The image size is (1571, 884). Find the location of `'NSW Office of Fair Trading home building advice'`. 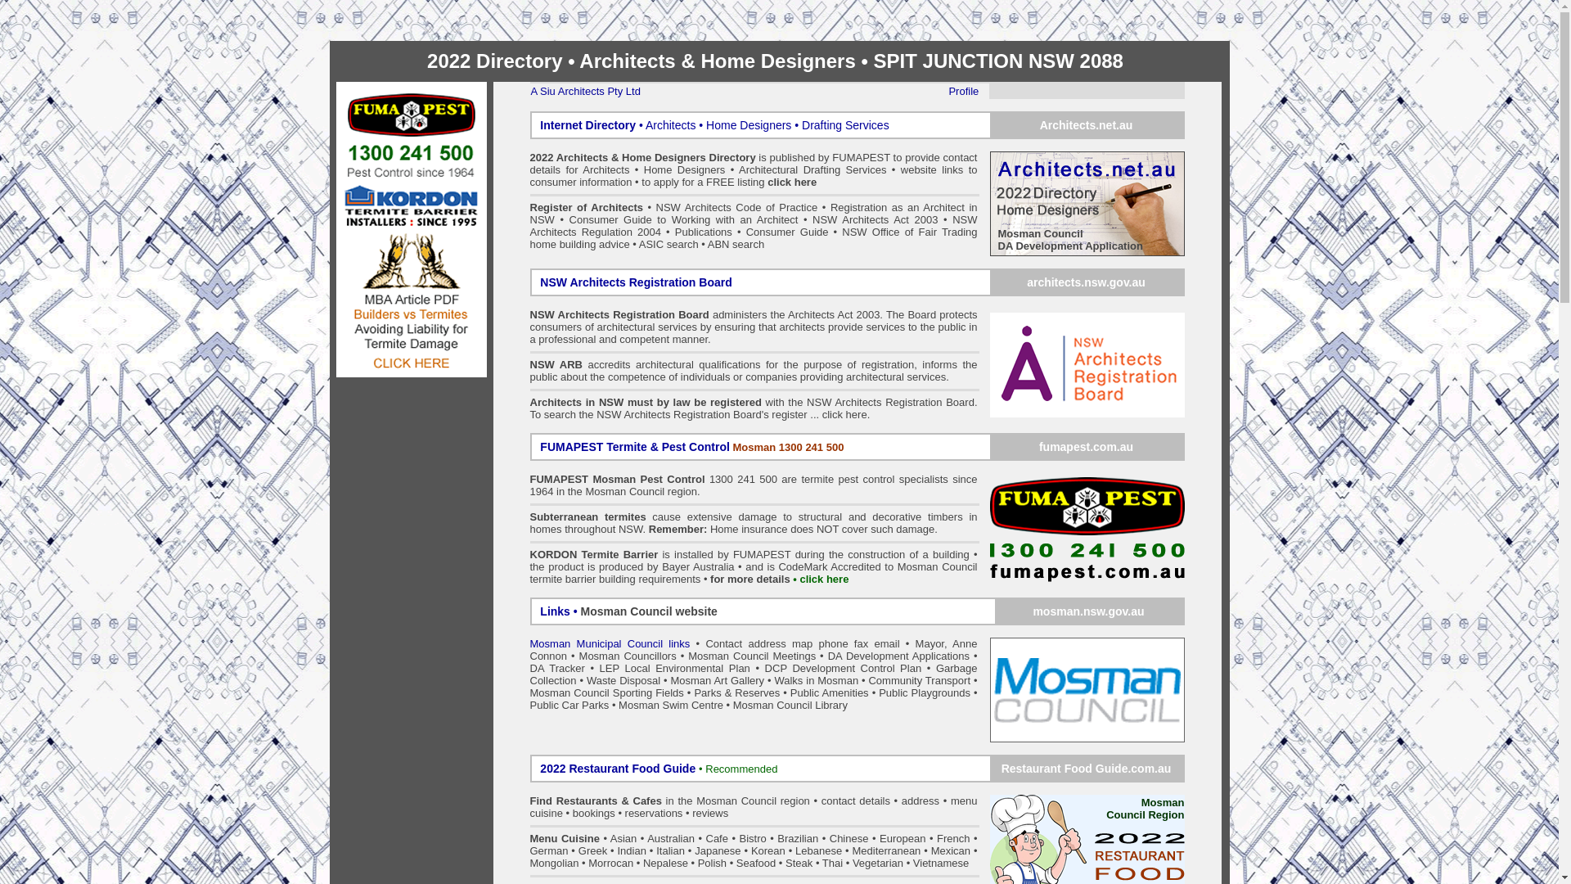

'NSW Office of Fair Trading home building advice' is located at coordinates (753, 237).